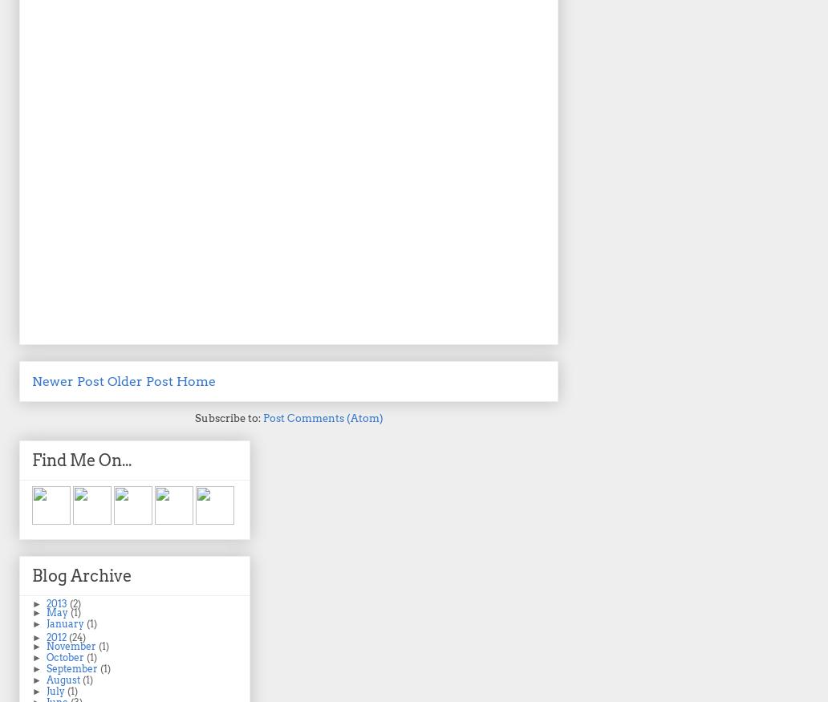  Describe the element at coordinates (74, 603) in the screenshot. I see `'(2)'` at that location.